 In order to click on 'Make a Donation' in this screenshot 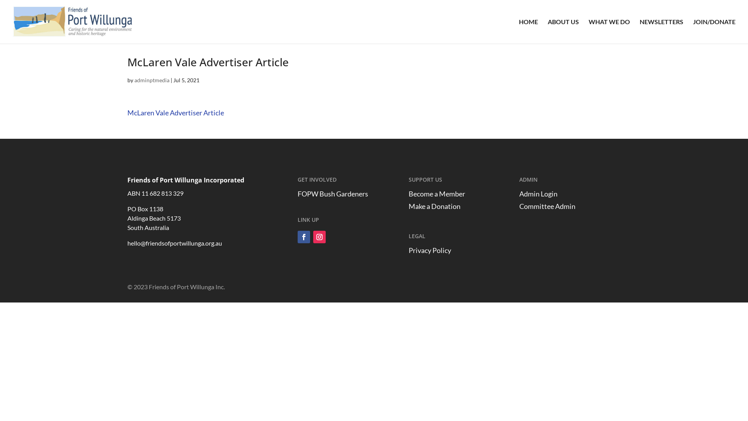, I will do `click(434, 205)`.